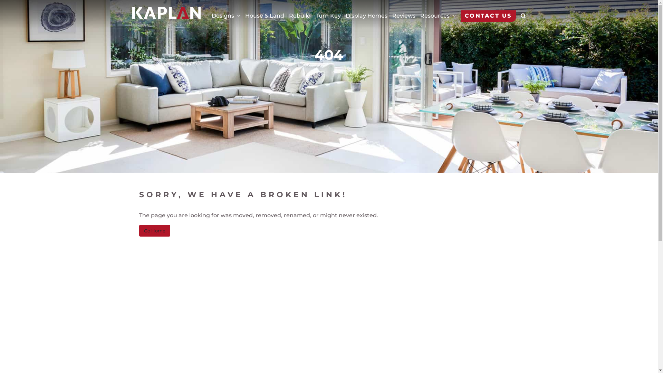  Describe the element at coordinates (211, 16) in the screenshot. I see `'Designs  '` at that location.